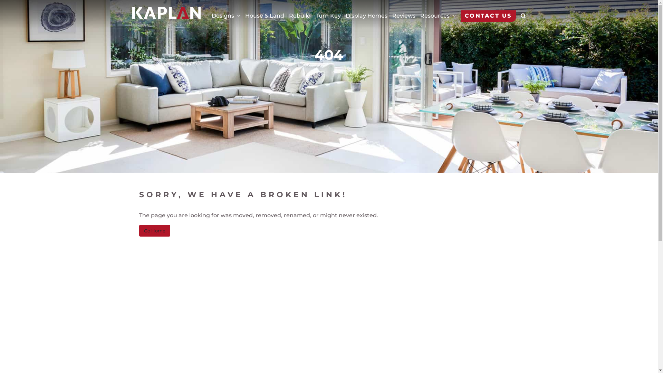  Describe the element at coordinates (211, 16) in the screenshot. I see `'Designs  '` at that location.